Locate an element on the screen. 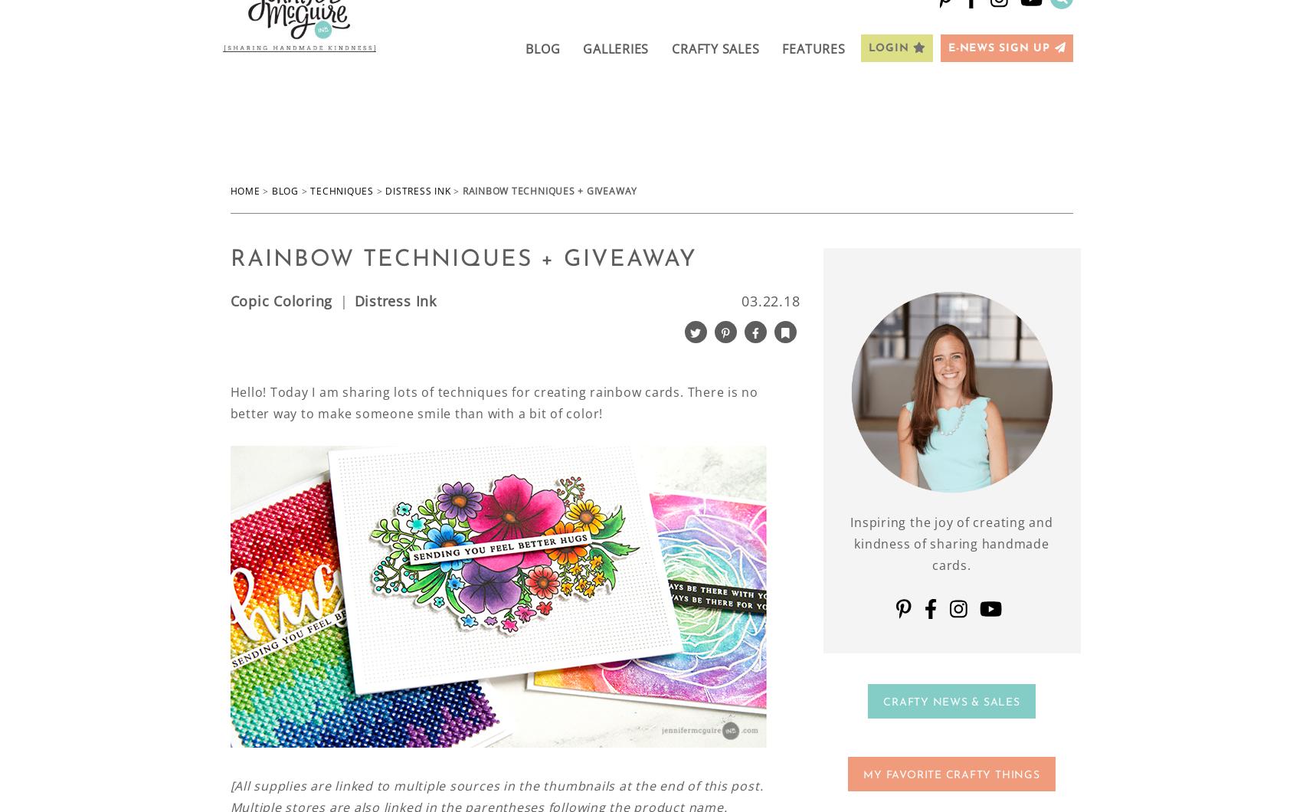 This screenshot has width=1303, height=812. '[All supplies are linked to multiple sources in the thumbnails at the end of this post.' is located at coordinates (496, 784).